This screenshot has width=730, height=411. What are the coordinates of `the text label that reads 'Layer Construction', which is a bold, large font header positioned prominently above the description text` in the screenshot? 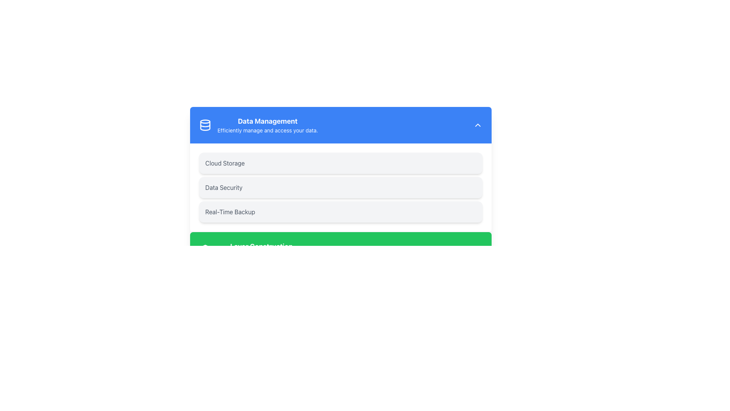 It's located at (261, 247).